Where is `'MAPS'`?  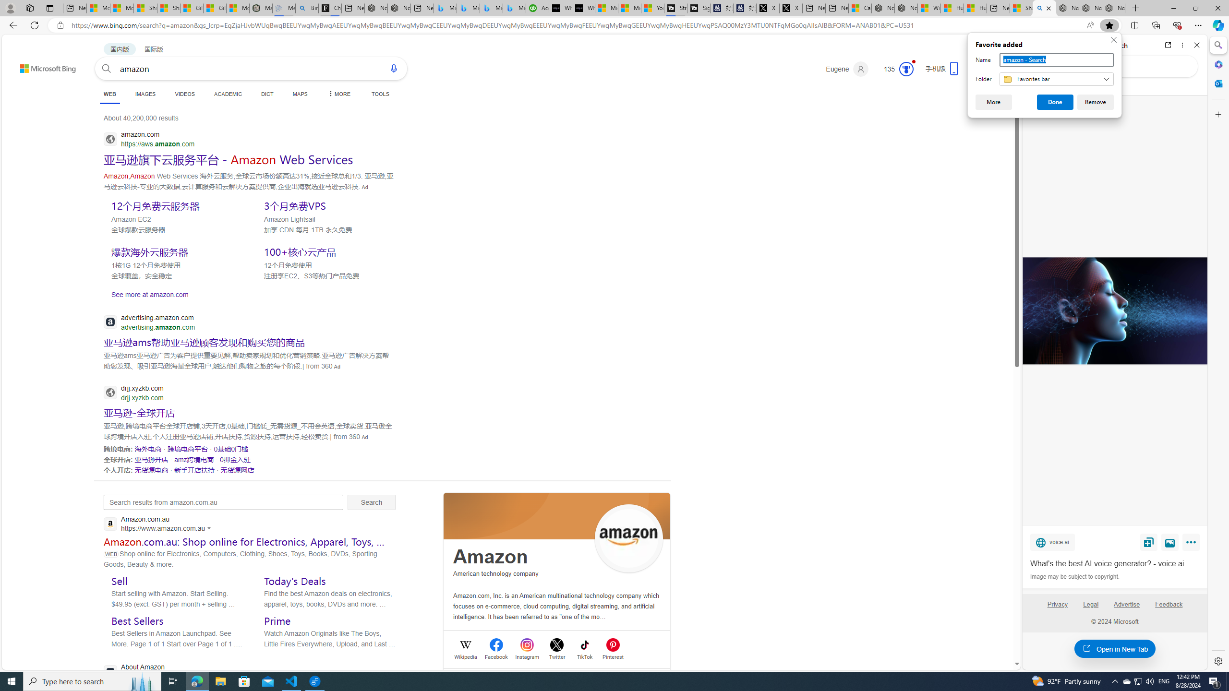
'MAPS' is located at coordinates (300, 94).